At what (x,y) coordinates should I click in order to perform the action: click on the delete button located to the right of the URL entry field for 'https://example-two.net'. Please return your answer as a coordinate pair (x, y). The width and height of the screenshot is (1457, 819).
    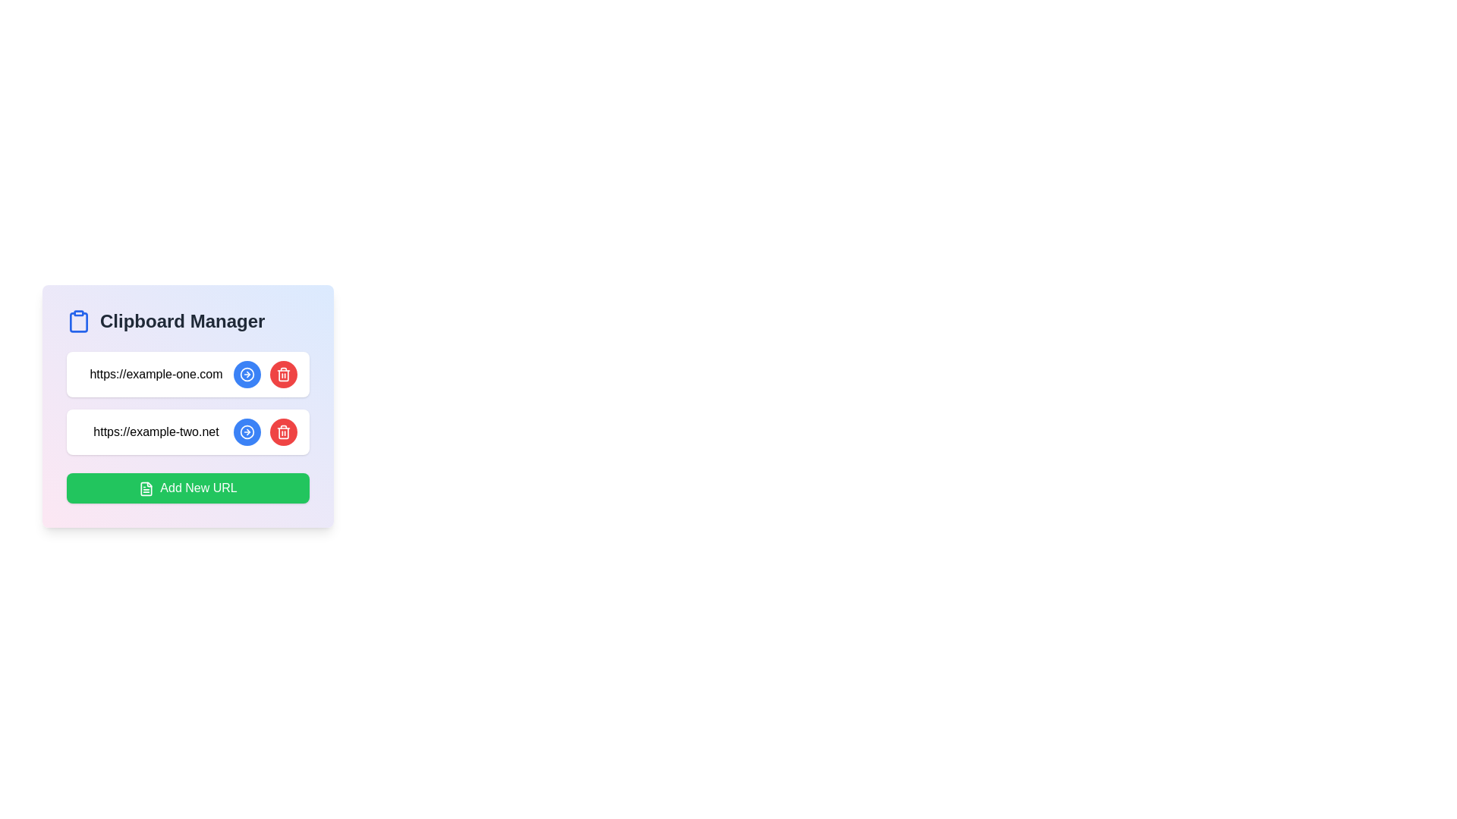
    Looking at the image, I should click on (284, 432).